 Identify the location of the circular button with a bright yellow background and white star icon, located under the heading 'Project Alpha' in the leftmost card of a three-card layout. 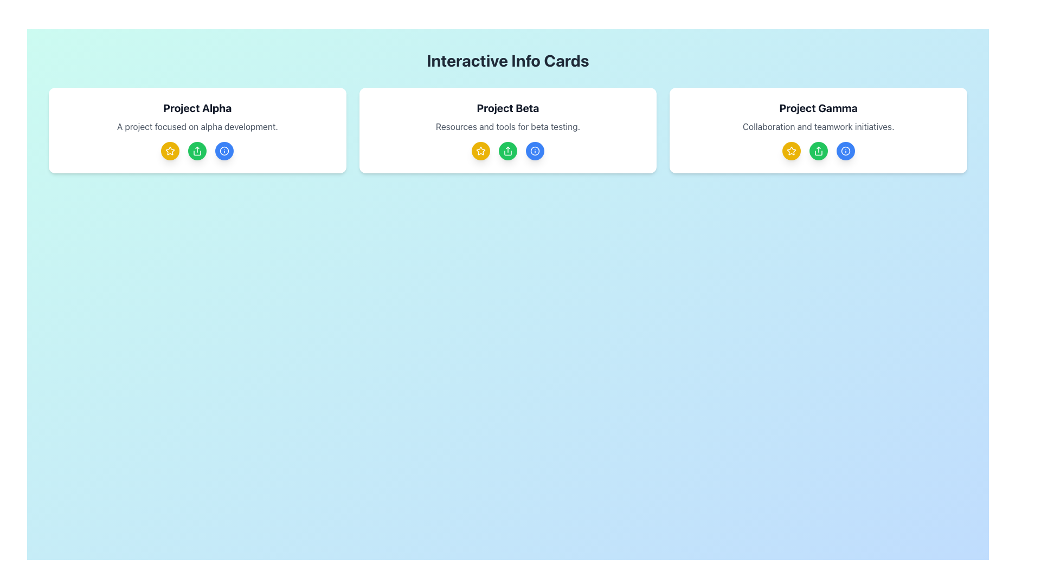
(170, 151).